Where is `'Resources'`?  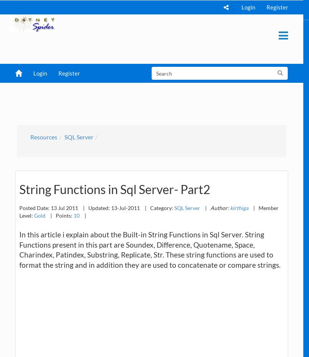
'Resources' is located at coordinates (43, 136).